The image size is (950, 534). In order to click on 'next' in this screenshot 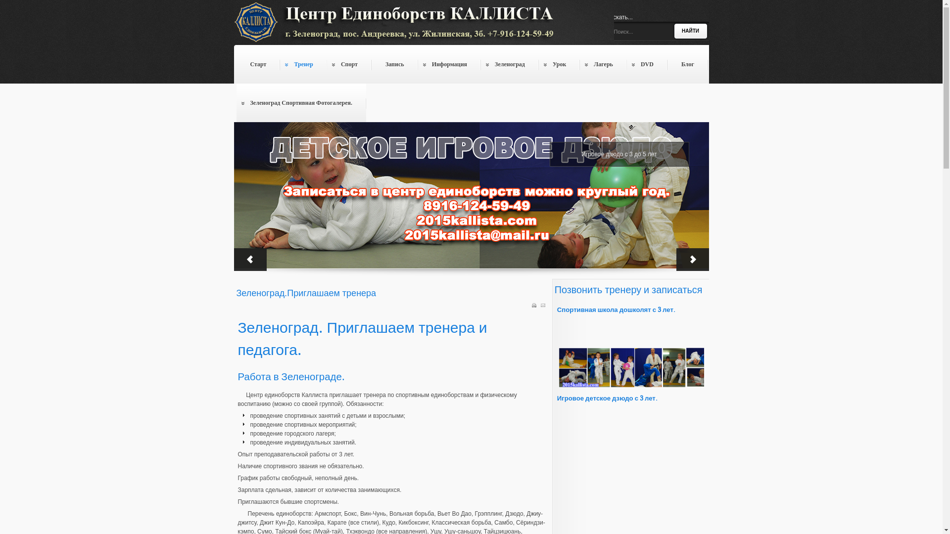, I will do `click(675, 259)`.